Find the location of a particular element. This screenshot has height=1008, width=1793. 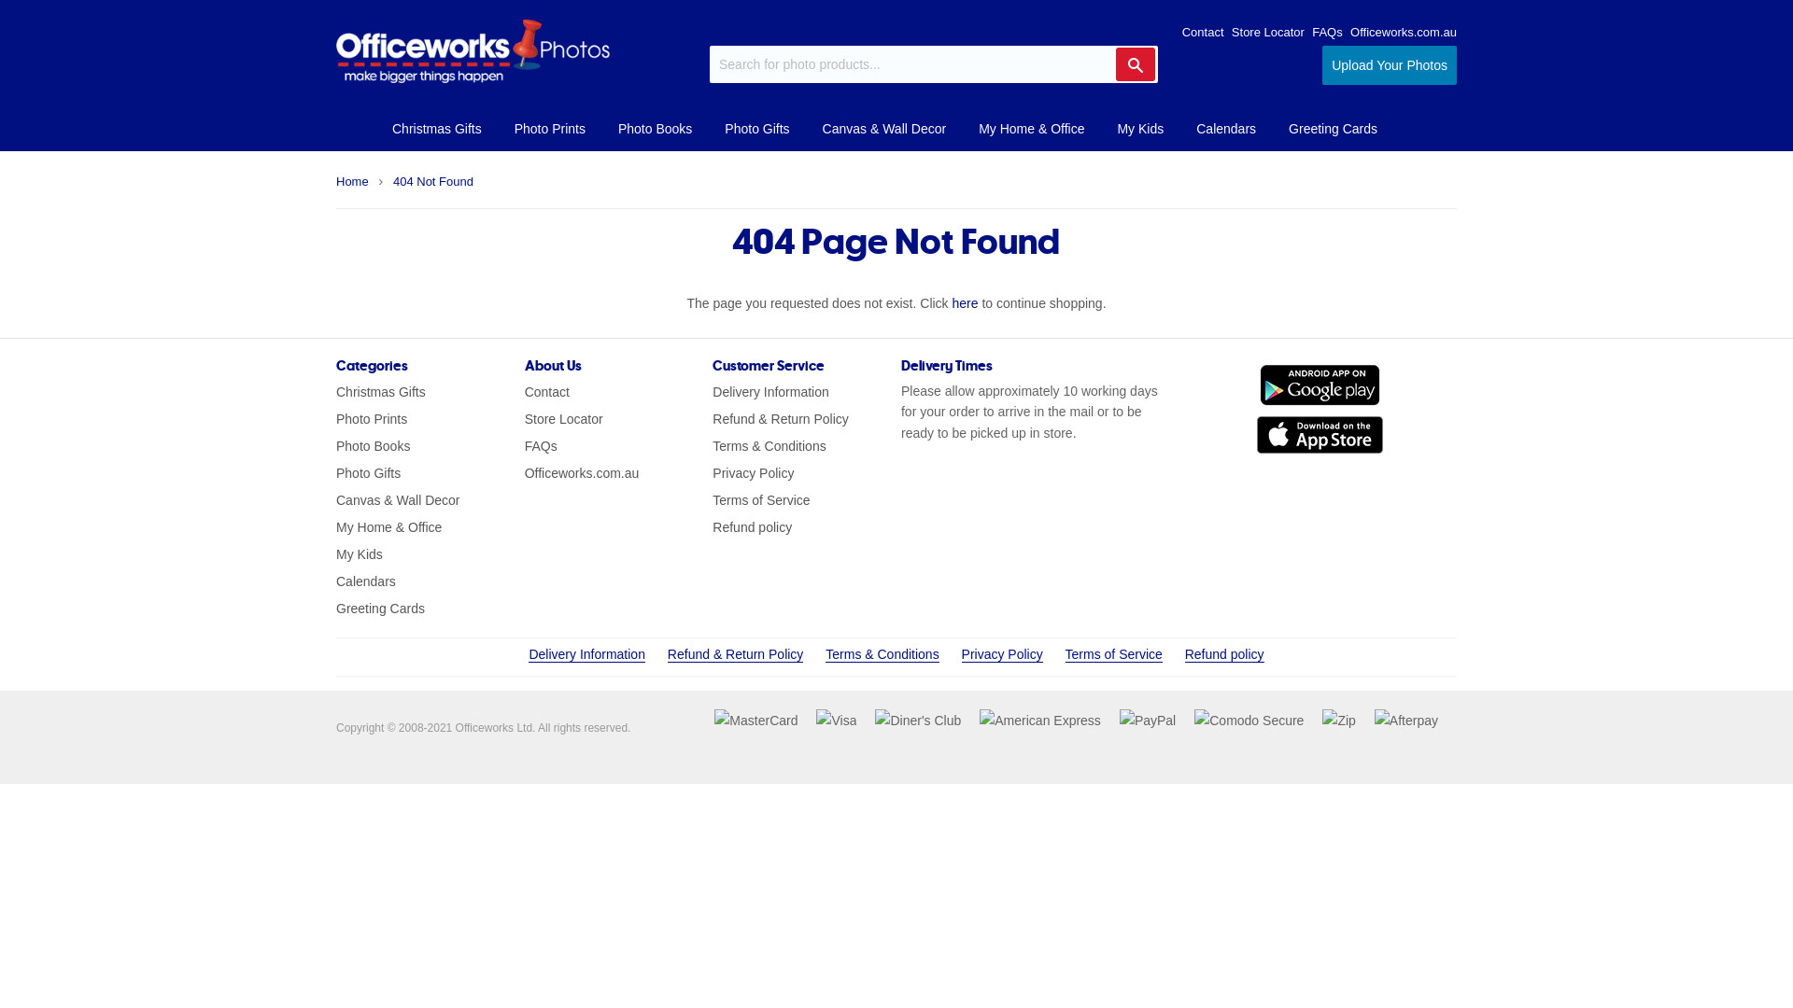

'Refund policy' is located at coordinates (1224, 653).